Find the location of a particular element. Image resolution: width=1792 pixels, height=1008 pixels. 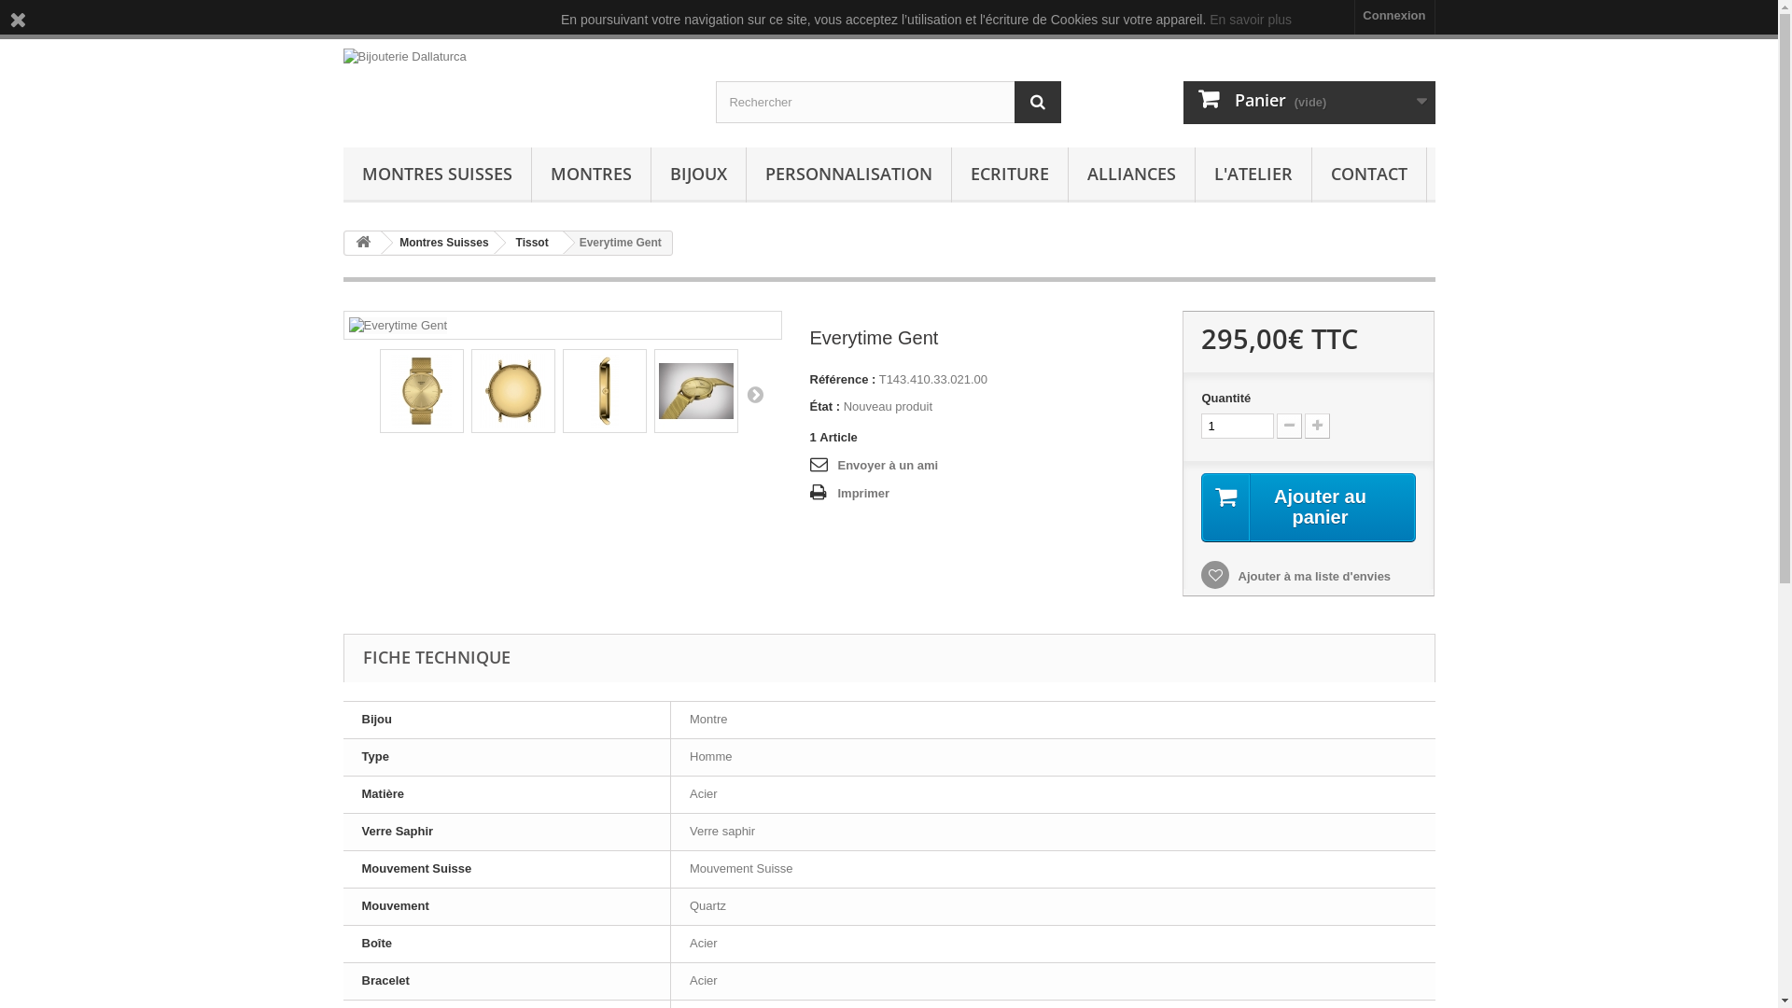

'Everytime Gent' is located at coordinates (513, 390).